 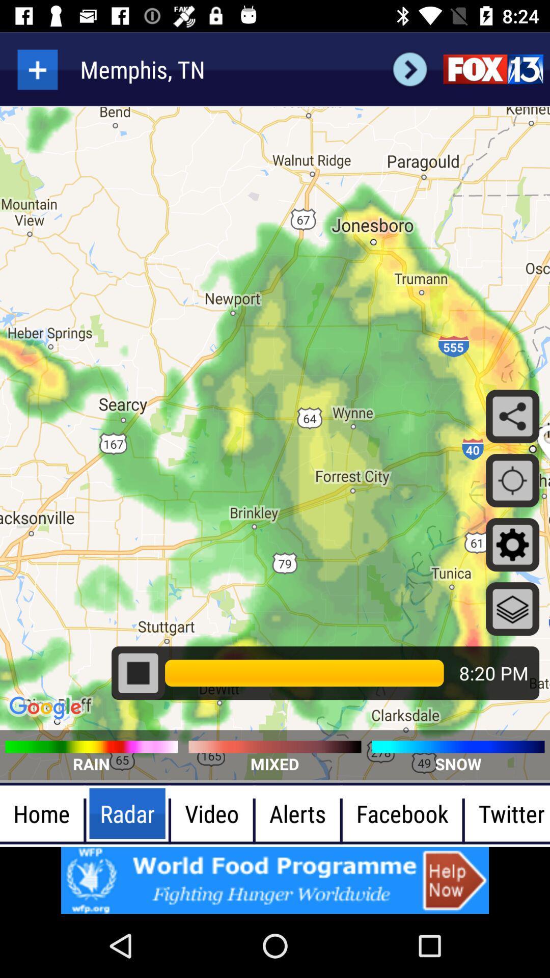 I want to click on the settings symbol at the right side of the page, so click(x=512, y=544).